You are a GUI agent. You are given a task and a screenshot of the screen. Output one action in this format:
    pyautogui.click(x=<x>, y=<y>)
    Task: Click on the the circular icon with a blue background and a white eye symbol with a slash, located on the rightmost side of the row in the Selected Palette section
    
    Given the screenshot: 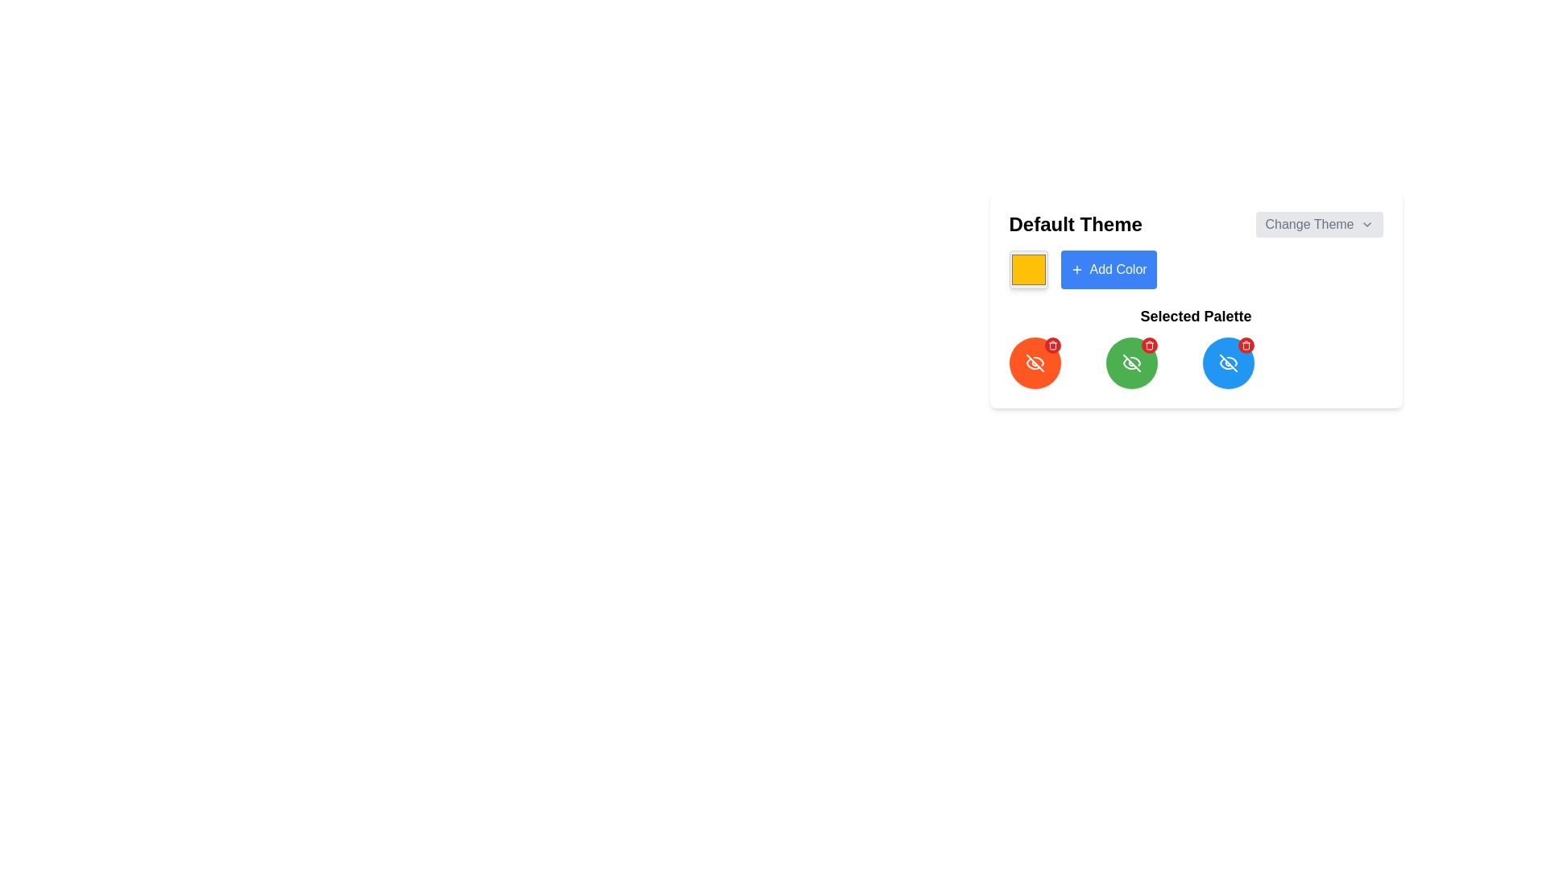 What is the action you would take?
    pyautogui.click(x=1227, y=363)
    